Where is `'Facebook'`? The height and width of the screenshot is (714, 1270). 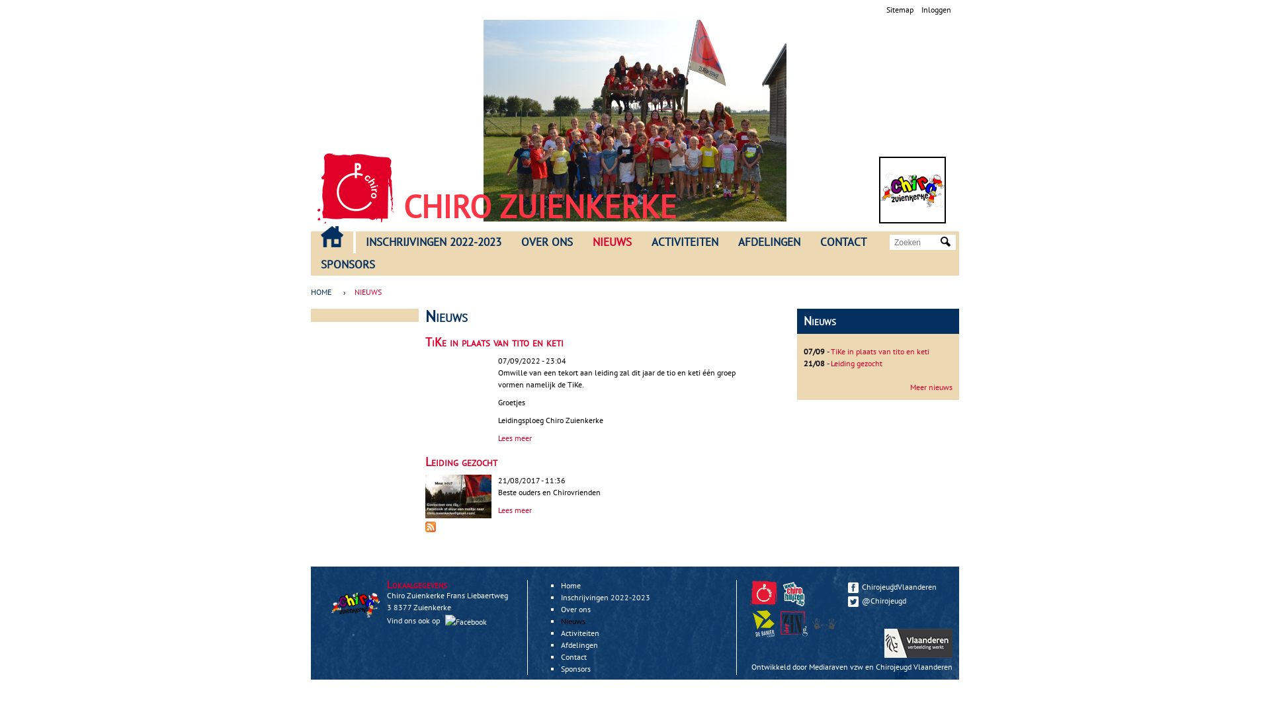
'Facebook' is located at coordinates (444, 621).